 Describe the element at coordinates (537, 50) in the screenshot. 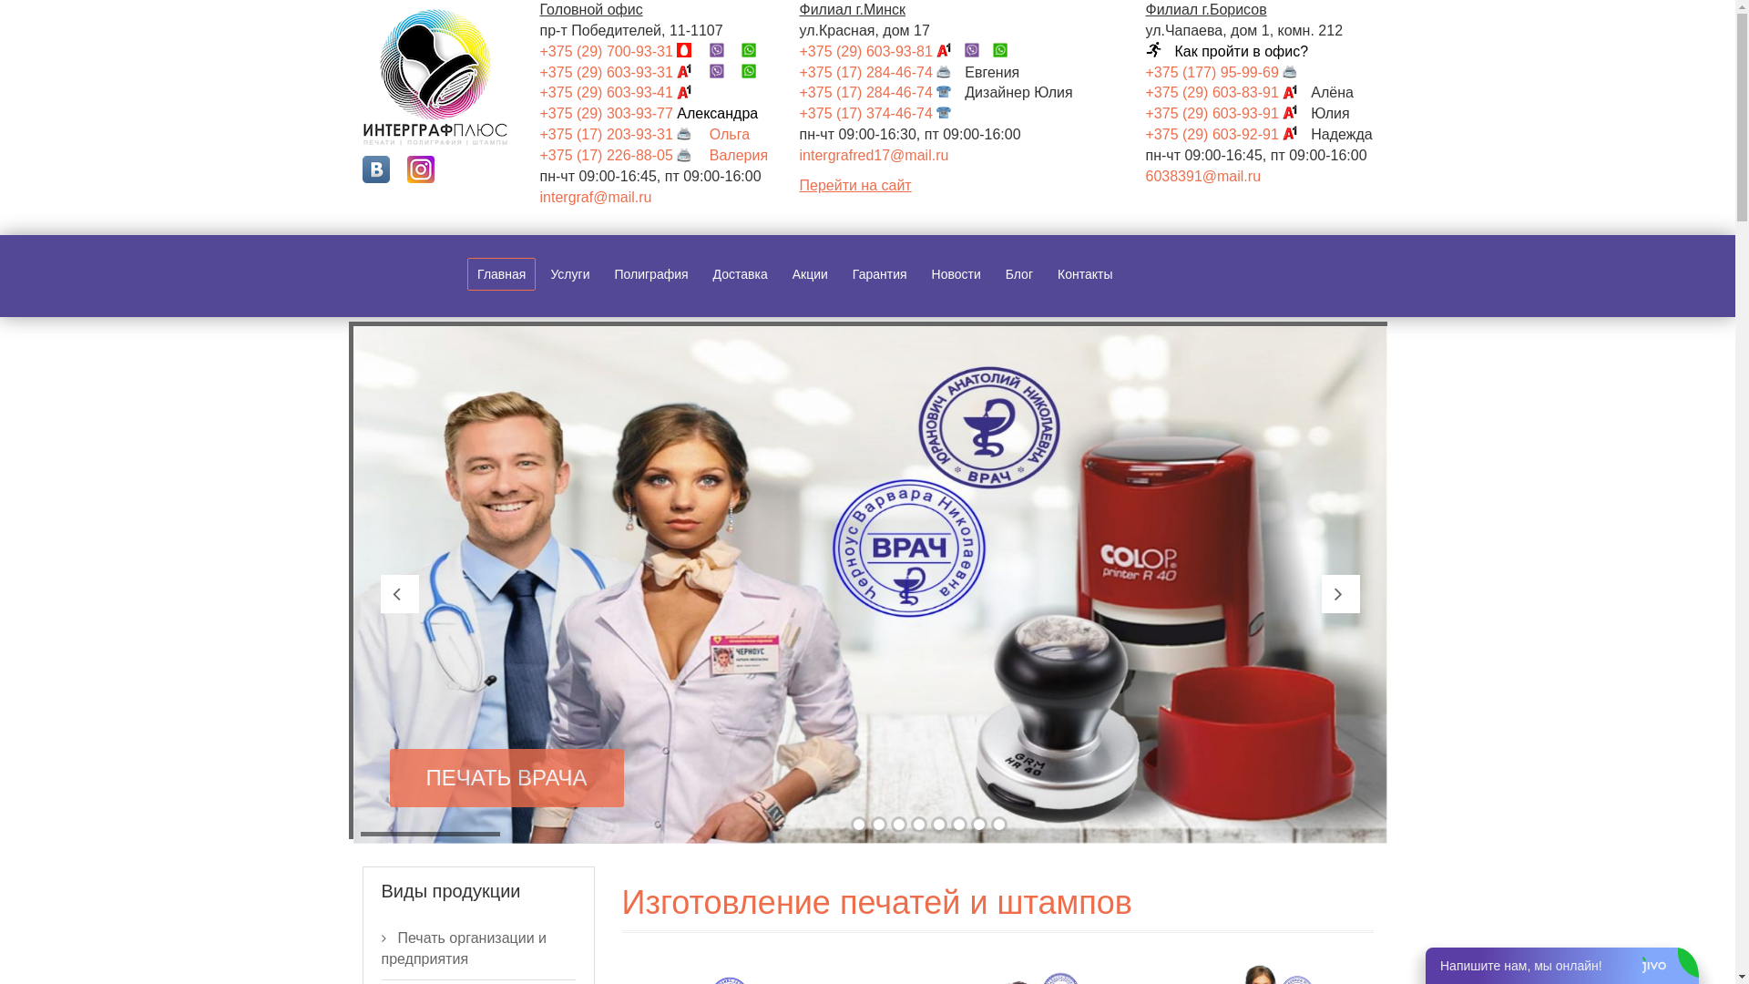

I see `'+375 (29) 700-93-31 '` at that location.